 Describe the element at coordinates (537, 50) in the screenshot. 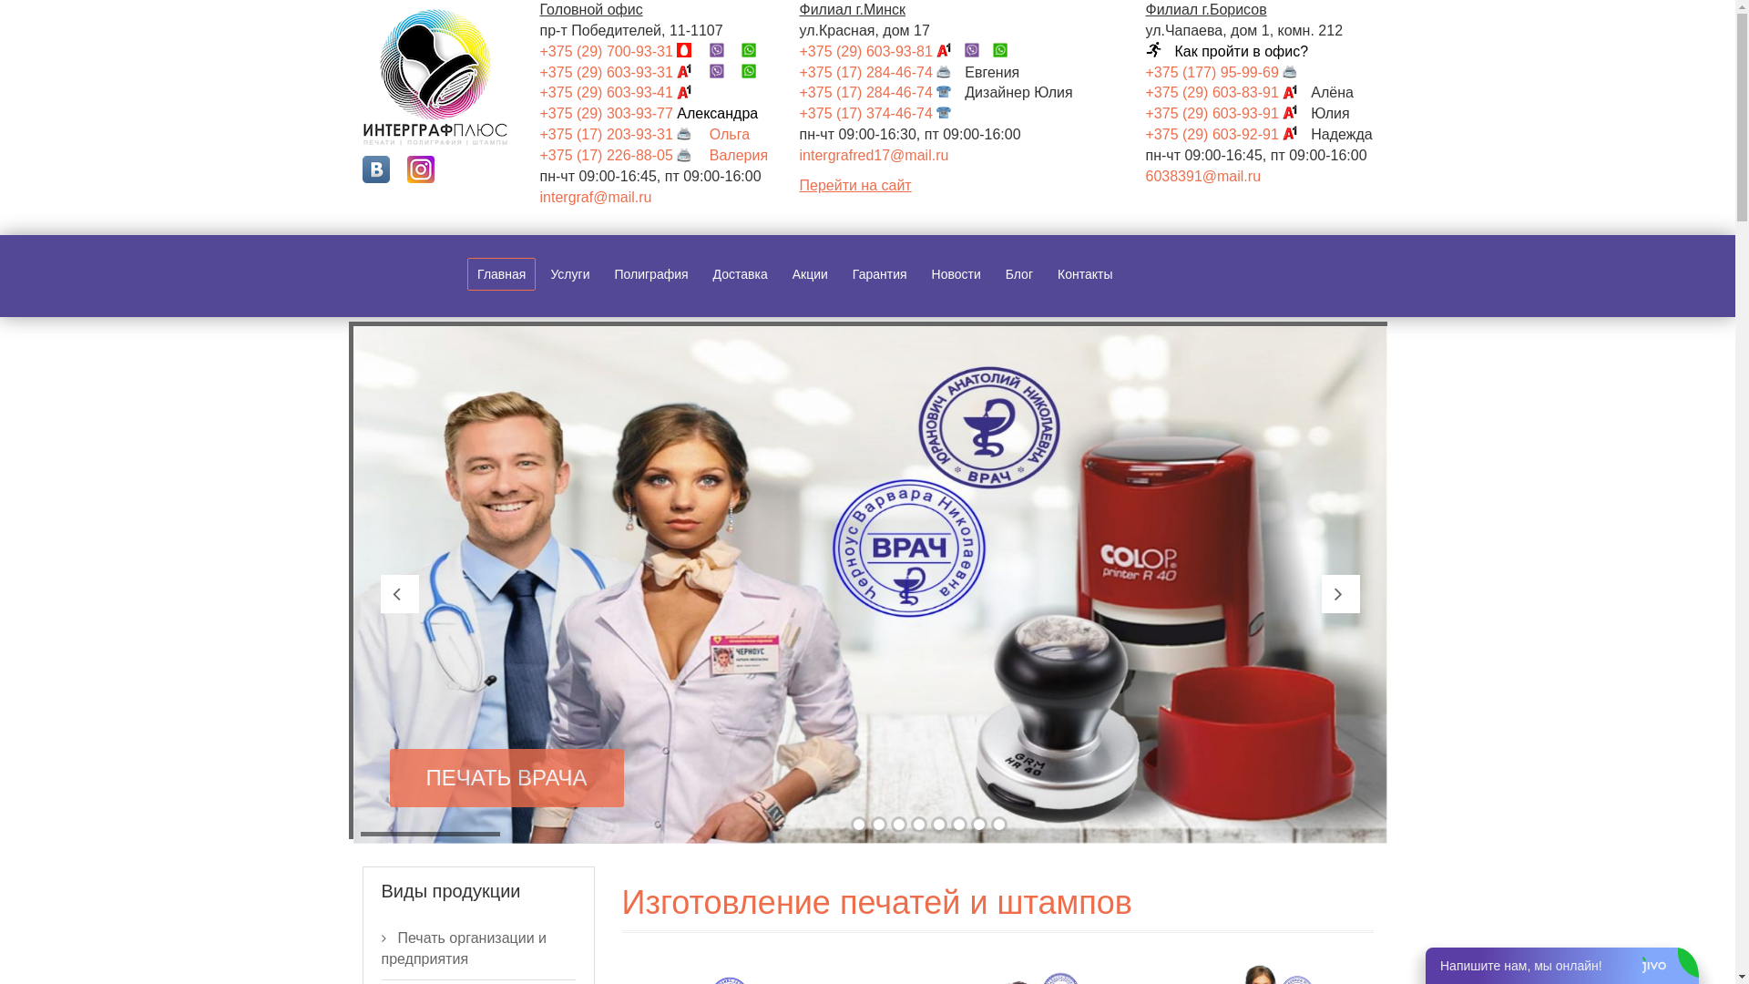

I see `'+375 (29) 700-93-31 '` at that location.